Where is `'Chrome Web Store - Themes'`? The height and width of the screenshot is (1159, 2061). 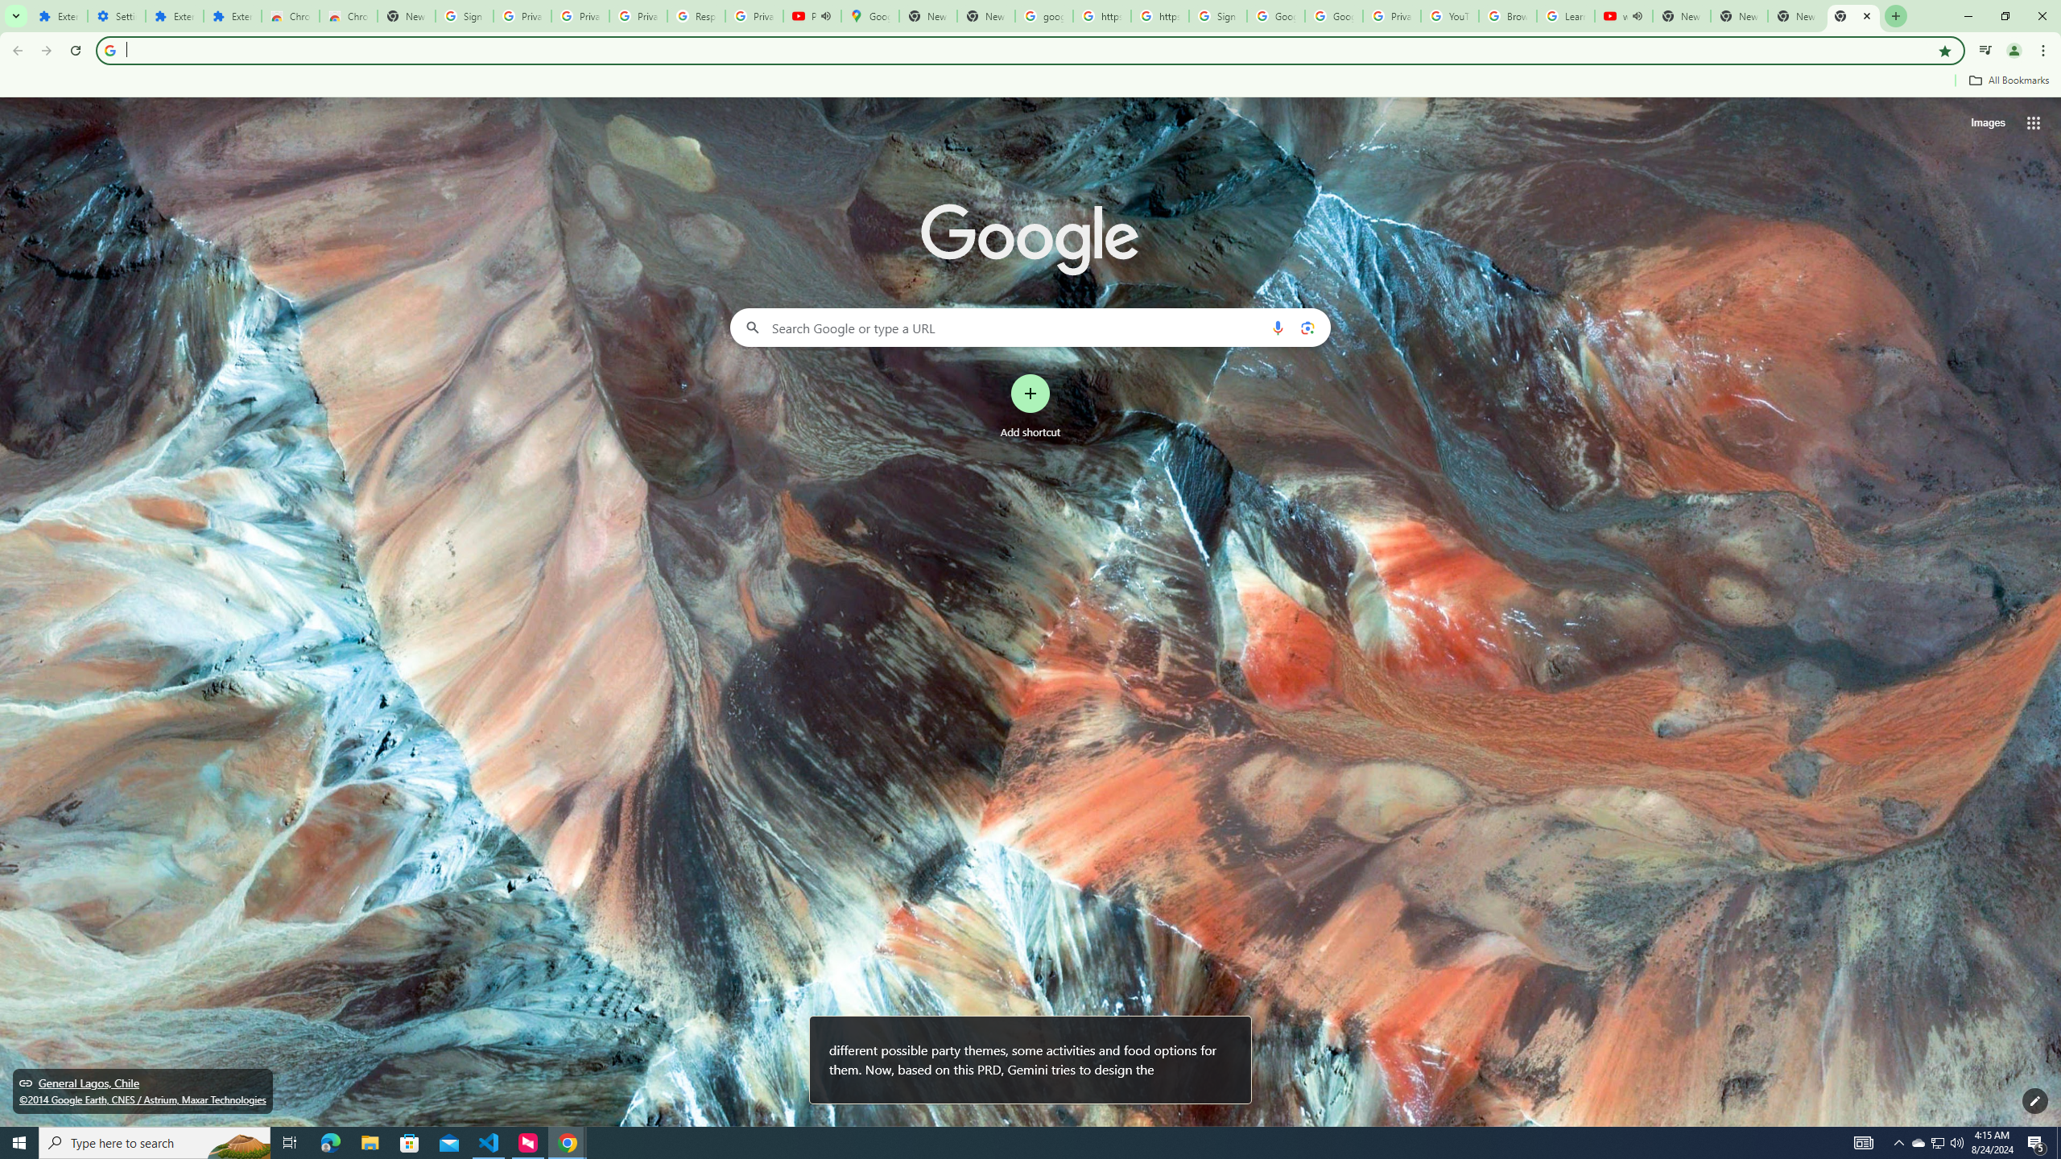
'Chrome Web Store - Themes' is located at coordinates (348, 15).